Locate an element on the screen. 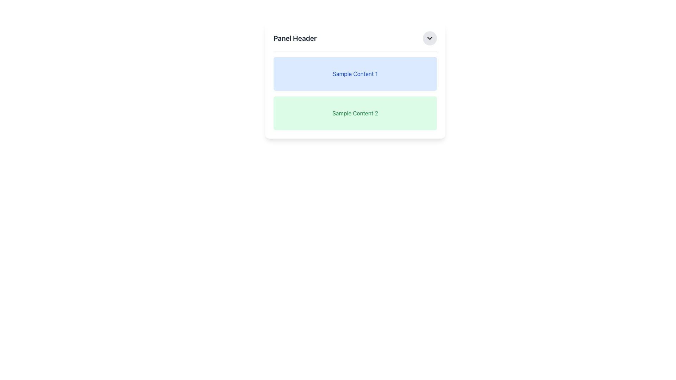 This screenshot has height=380, width=676. the Text Label displaying 'Sample Content 2' in a green font, located in the center of a light green section below 'Sample Content 1' is located at coordinates (355, 113).